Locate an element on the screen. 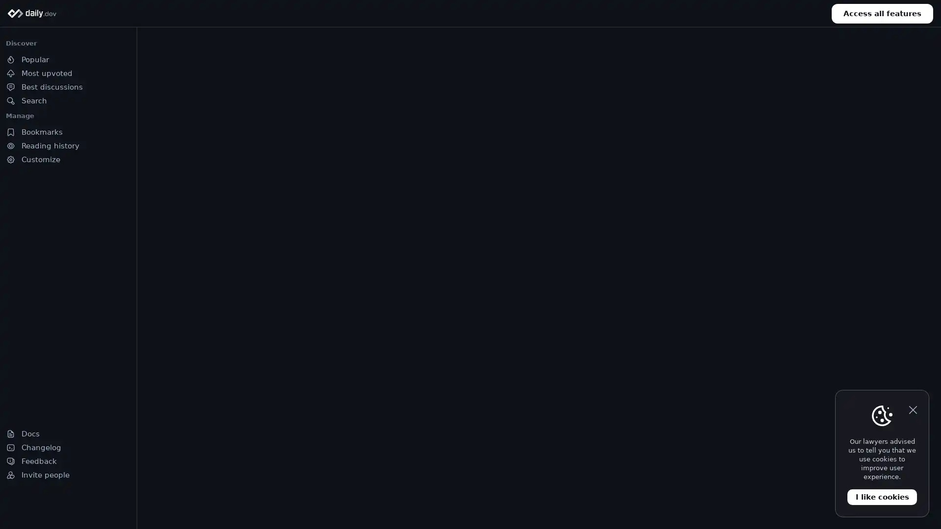  Comments is located at coordinates (452, 274).